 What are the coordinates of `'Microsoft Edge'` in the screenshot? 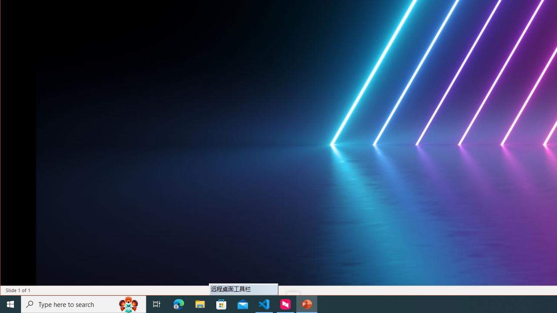 It's located at (178, 303).